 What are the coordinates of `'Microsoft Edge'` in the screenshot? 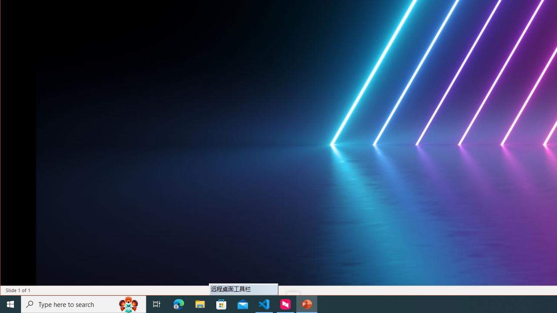 It's located at (178, 303).